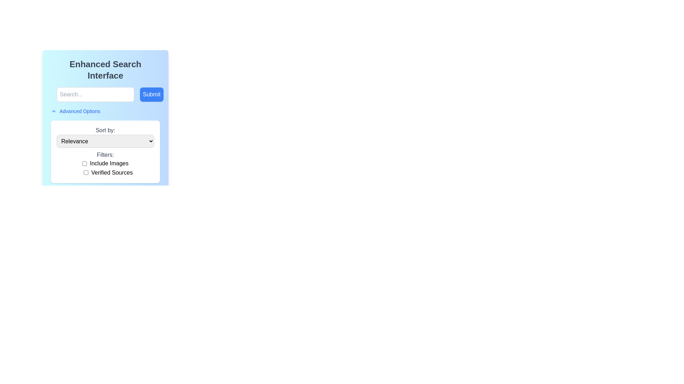  What do you see at coordinates (151, 94) in the screenshot?
I see `the 'Submit' button, which is a rounded rectangular button with a blue background and white text, located to the far right of the search interface panel` at bounding box center [151, 94].